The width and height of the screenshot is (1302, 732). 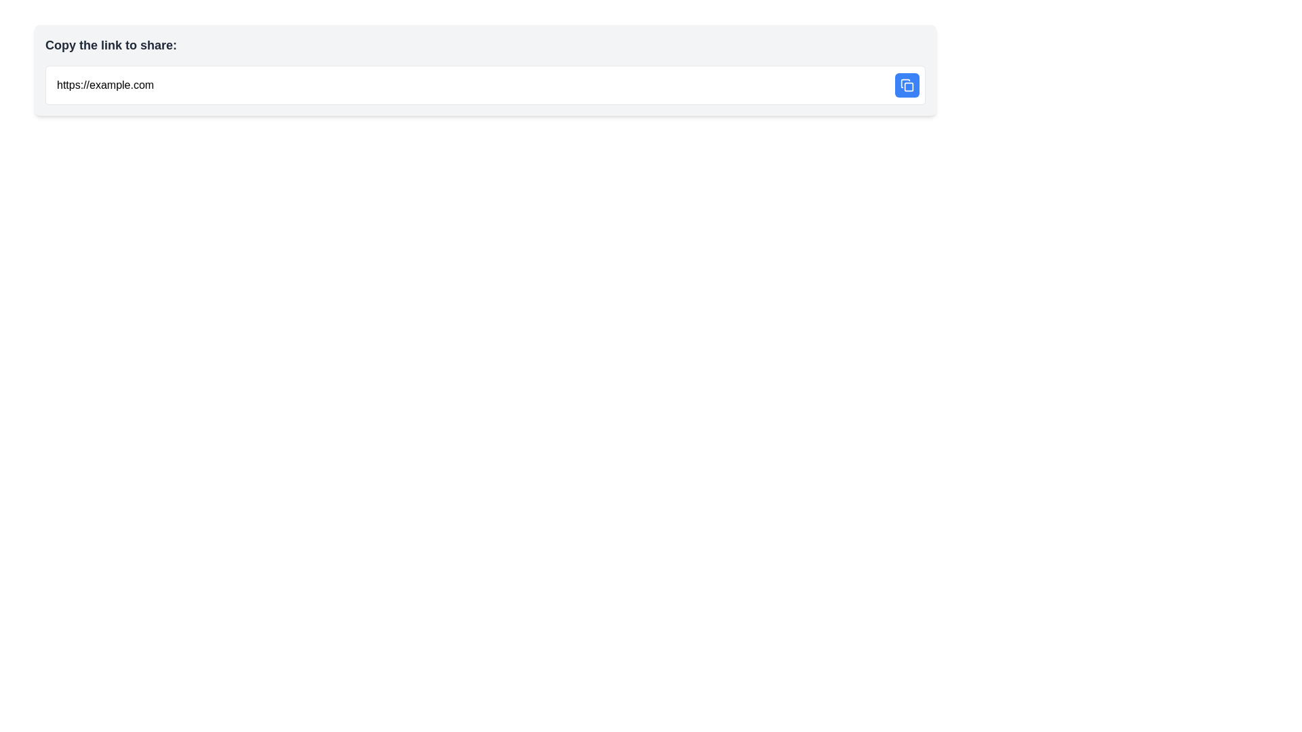 What do you see at coordinates (907, 85) in the screenshot?
I see `the blue rounded rectangular button with a white copy icon` at bounding box center [907, 85].